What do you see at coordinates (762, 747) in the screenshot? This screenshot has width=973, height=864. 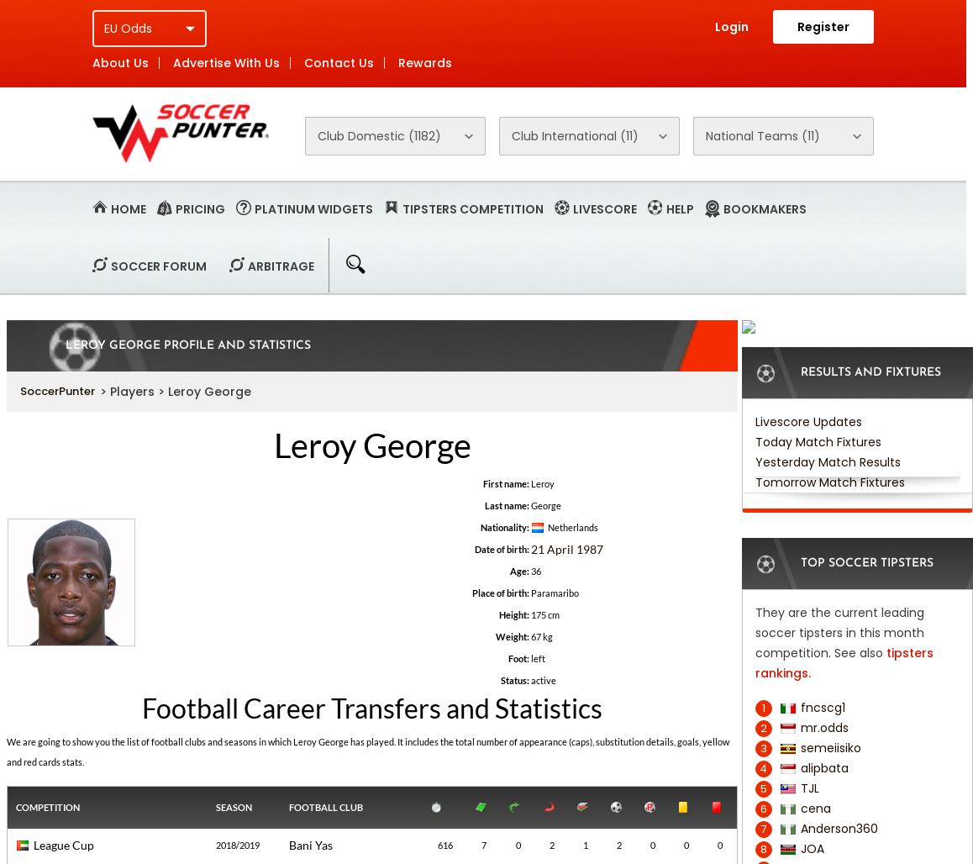 I see `'3'` at bounding box center [762, 747].